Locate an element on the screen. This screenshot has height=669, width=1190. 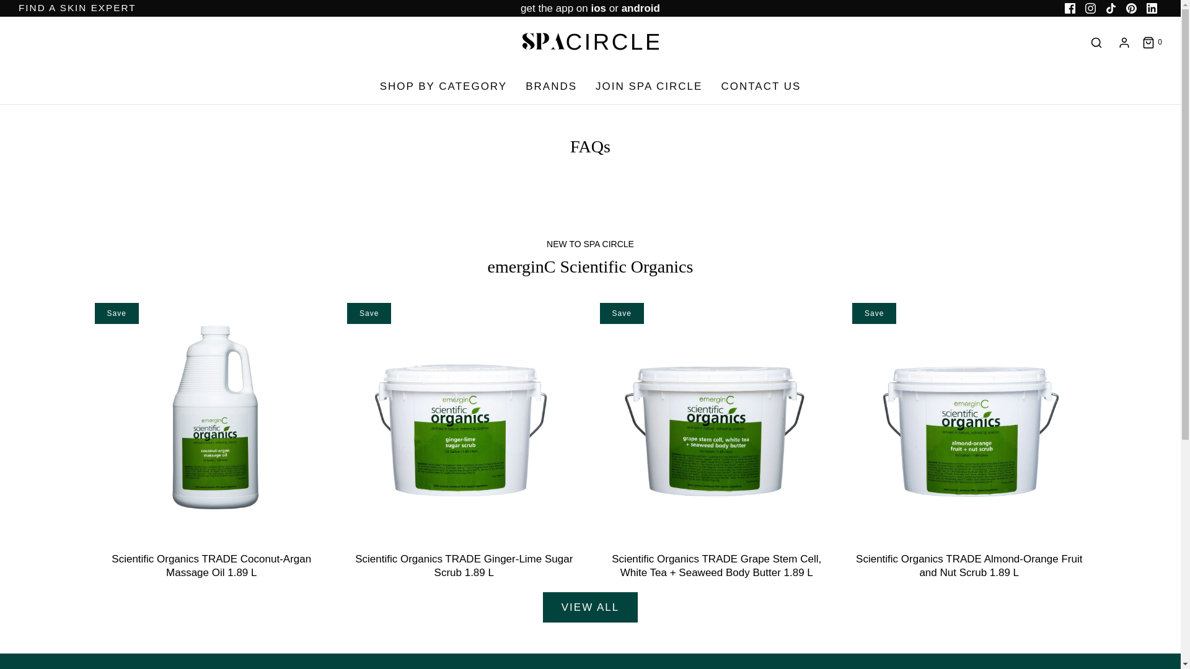
'0' is located at coordinates (1140, 42).